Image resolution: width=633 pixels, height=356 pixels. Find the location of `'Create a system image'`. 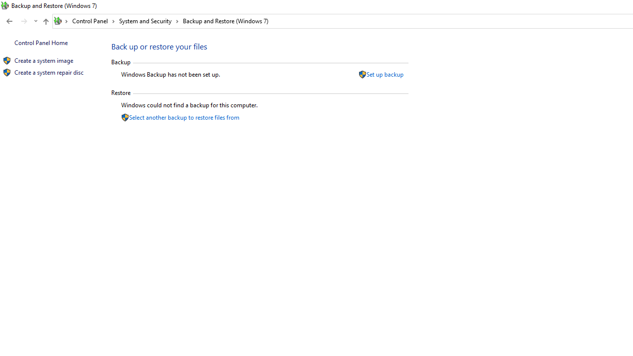

'Create a system image' is located at coordinates (43, 60).